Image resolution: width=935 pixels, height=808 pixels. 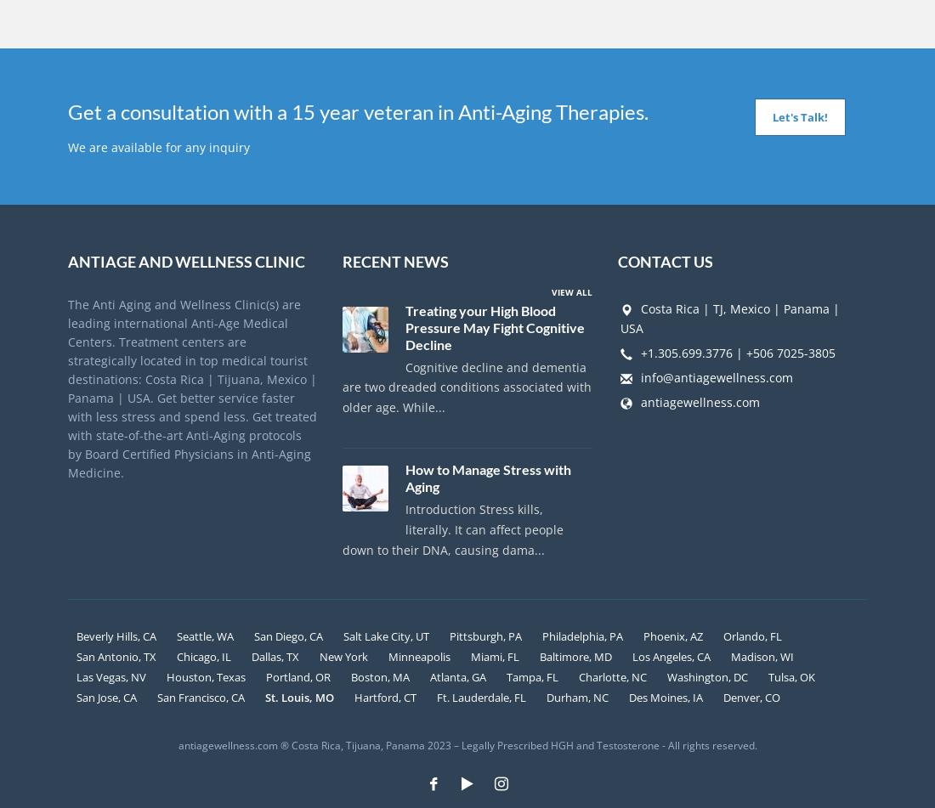 What do you see at coordinates (722, 696) in the screenshot?
I see `'Denver, CO'` at bounding box center [722, 696].